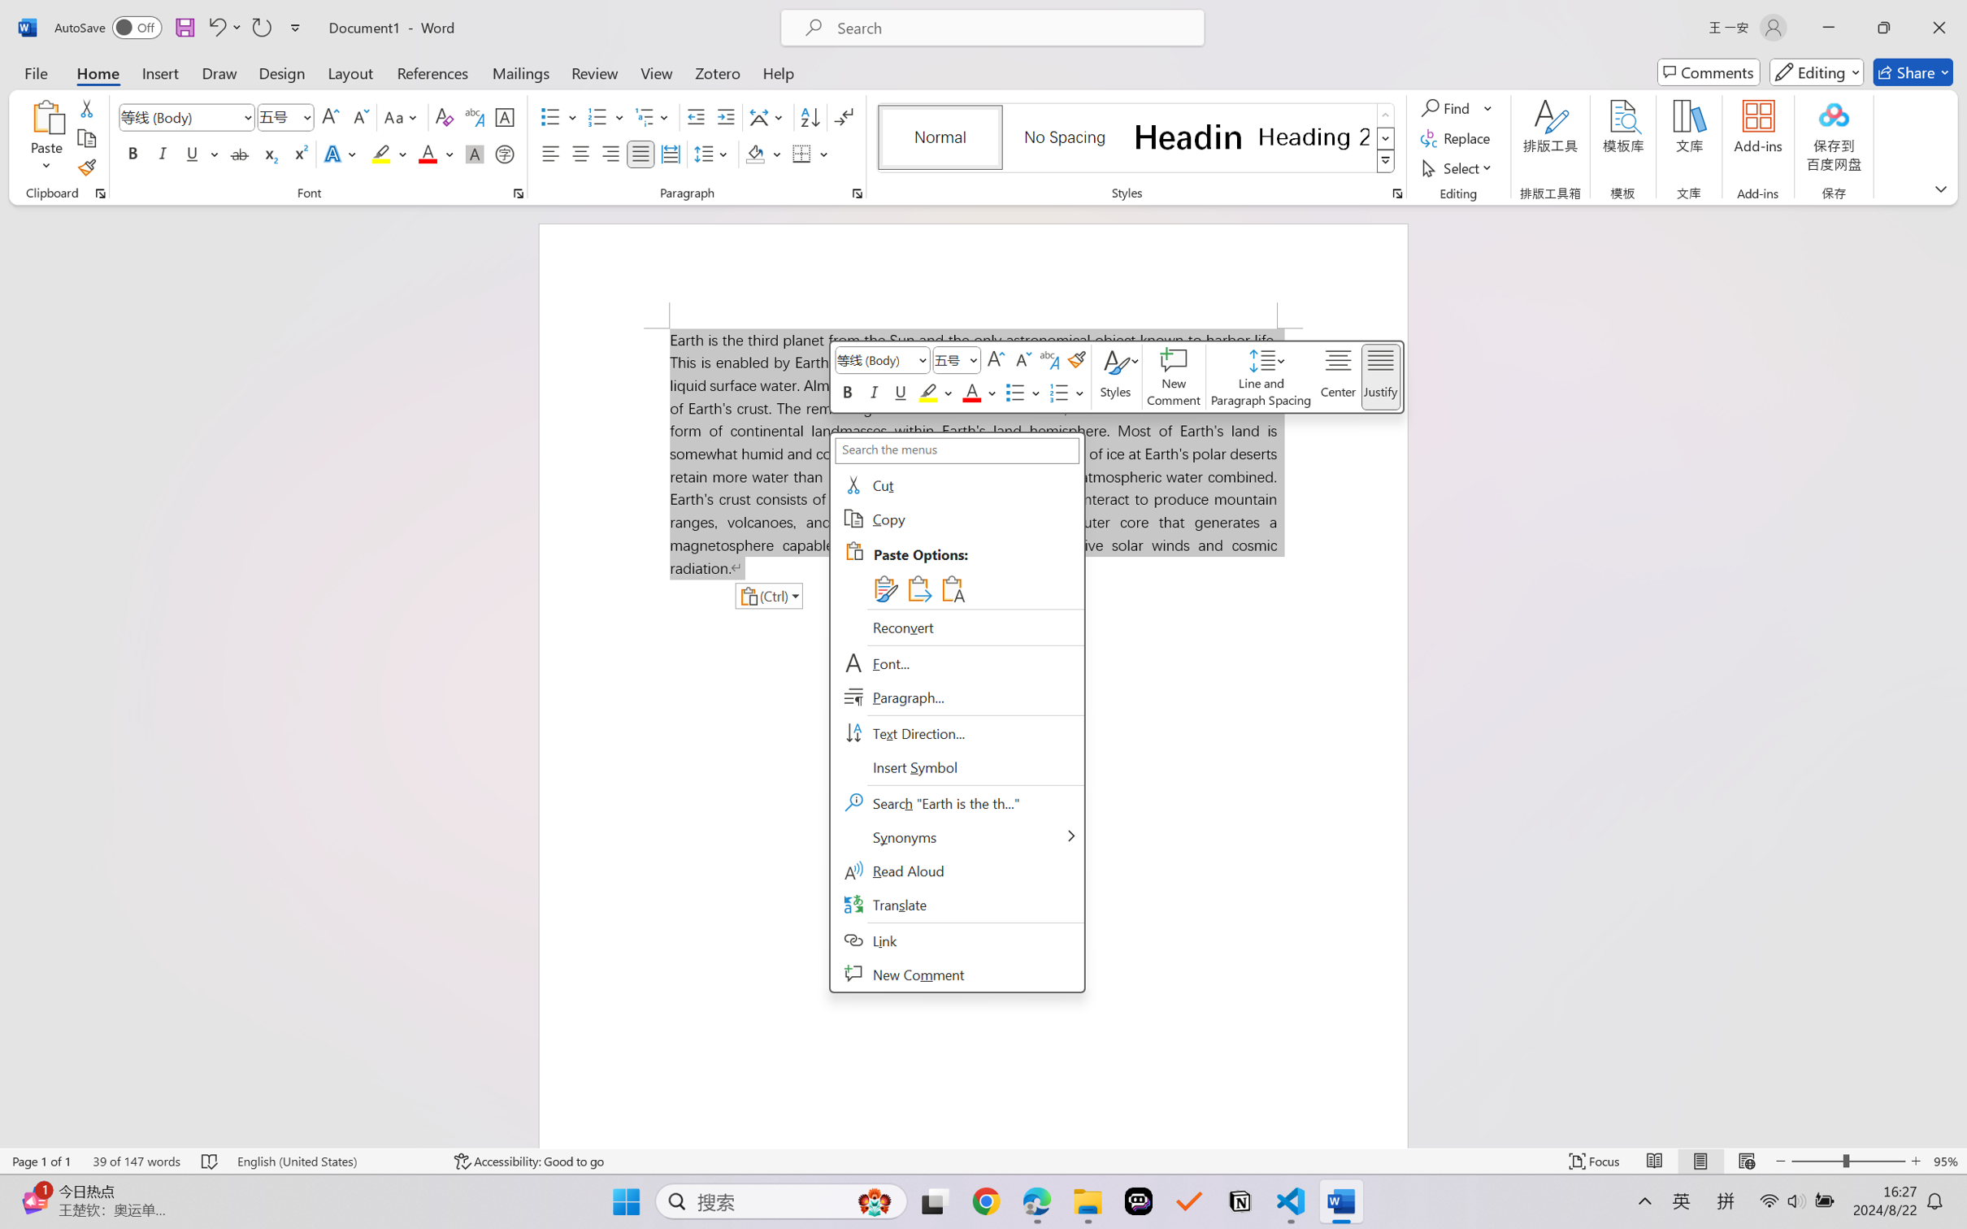 Image resolution: width=1967 pixels, height=1229 pixels. What do you see at coordinates (983, 1161) in the screenshot?
I see `'Class: MsoCommandBar'` at bounding box center [983, 1161].